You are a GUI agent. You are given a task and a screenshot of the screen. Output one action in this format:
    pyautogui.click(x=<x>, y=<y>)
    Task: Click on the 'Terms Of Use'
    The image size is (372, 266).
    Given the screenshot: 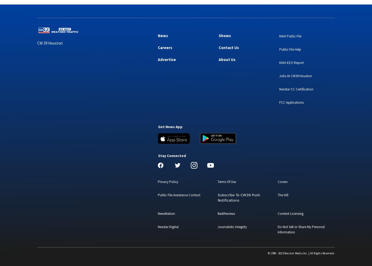 What is the action you would take?
    pyautogui.click(x=218, y=181)
    